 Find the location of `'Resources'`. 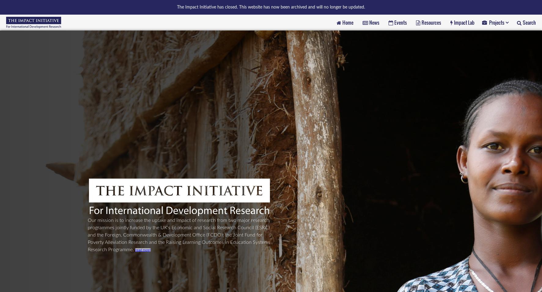

'Resources' is located at coordinates (431, 22).